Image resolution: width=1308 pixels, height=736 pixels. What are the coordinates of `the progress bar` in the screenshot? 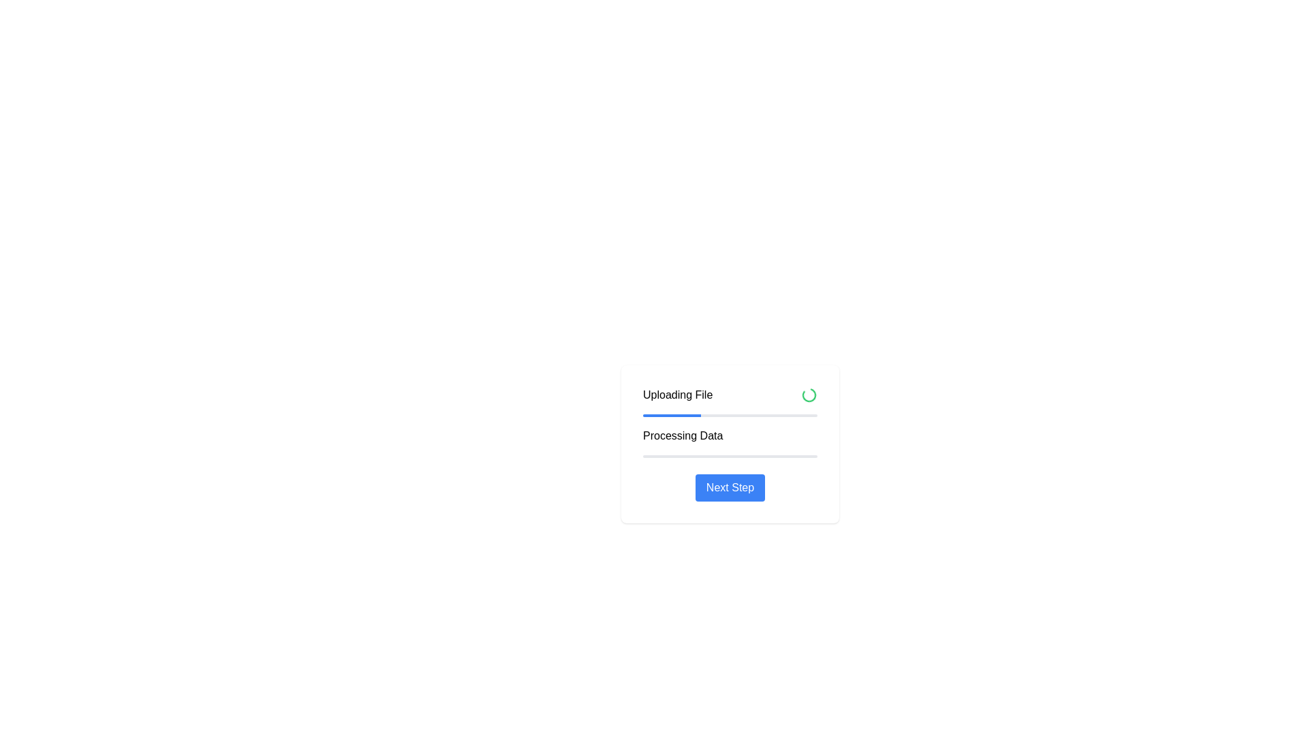 It's located at (646, 414).